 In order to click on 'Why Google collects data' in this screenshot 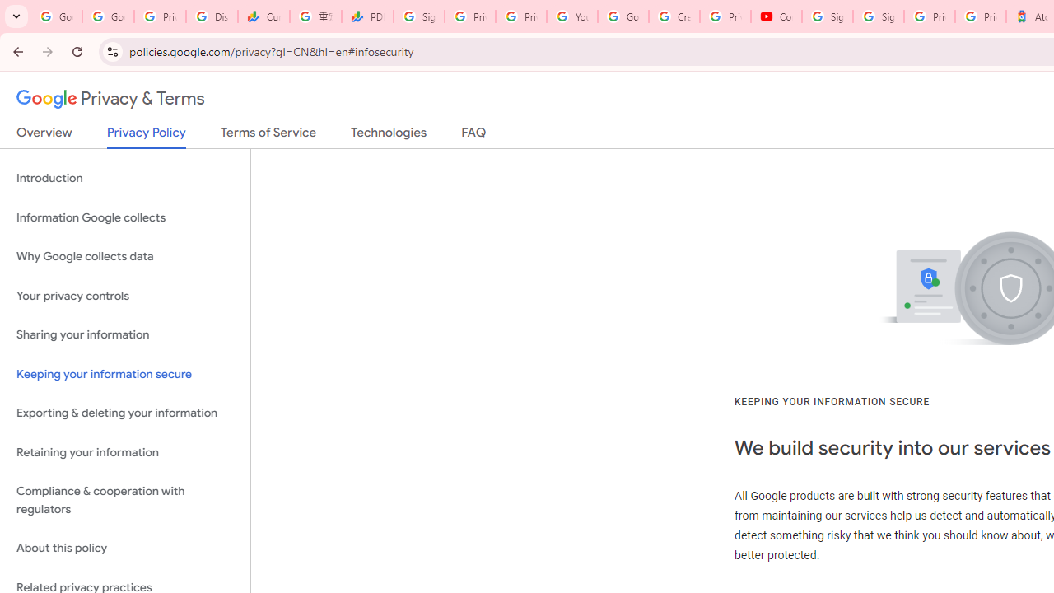, I will do `click(124, 257)`.